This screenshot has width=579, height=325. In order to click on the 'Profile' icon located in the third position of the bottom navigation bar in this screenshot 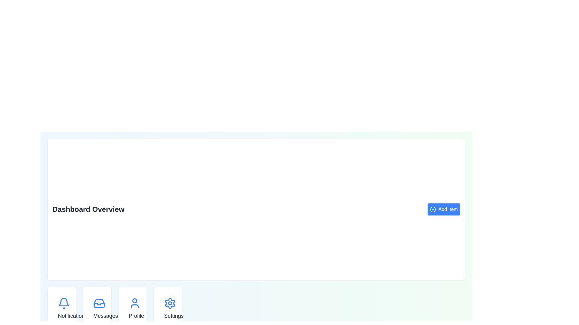, I will do `click(134, 303)`.